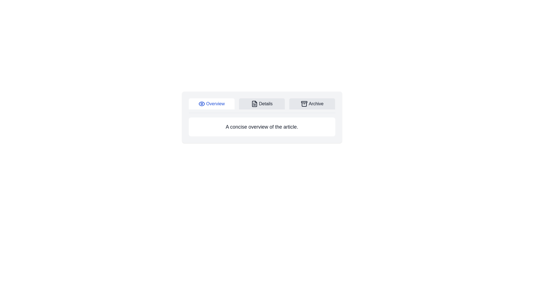 The width and height of the screenshot is (533, 300). What do you see at coordinates (261, 104) in the screenshot?
I see `the Details tab to see the highlighting effect` at bounding box center [261, 104].